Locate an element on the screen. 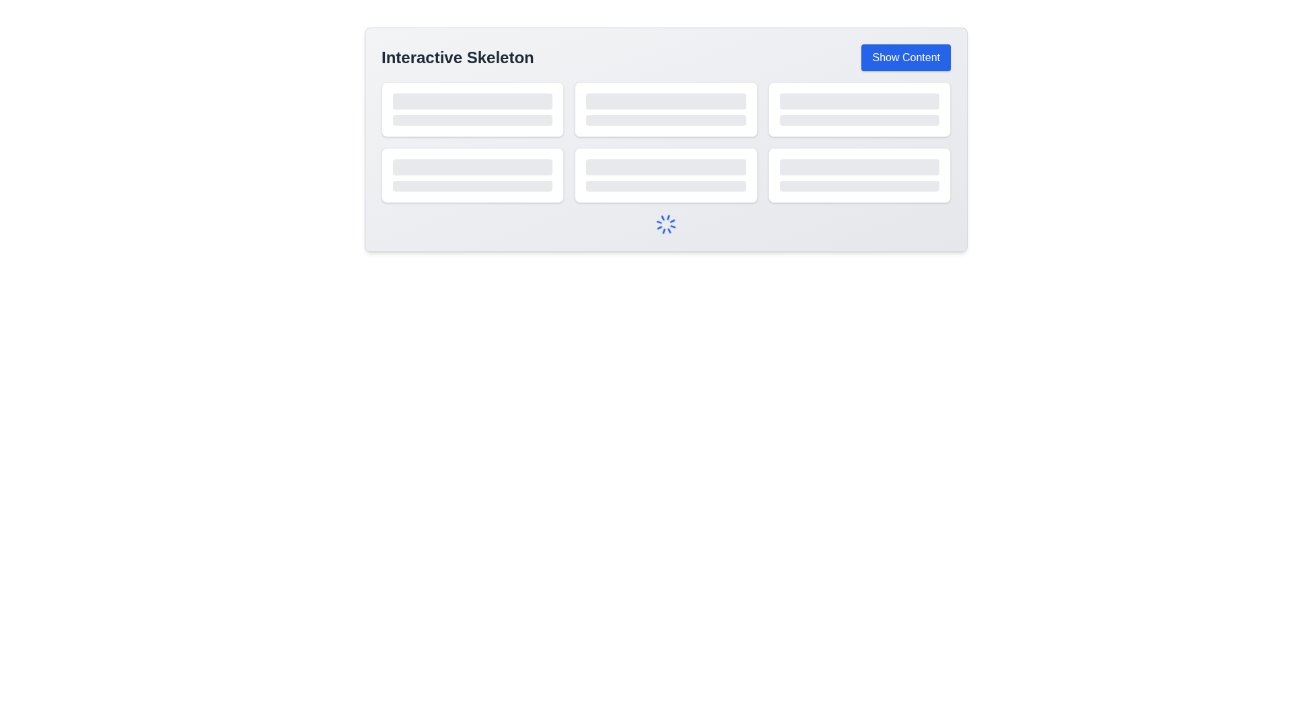 This screenshot has width=1292, height=726. the Skeleton loader element, which is the second box in the second row of a grid layout, indicating that loading is in progress is located at coordinates (666, 175).